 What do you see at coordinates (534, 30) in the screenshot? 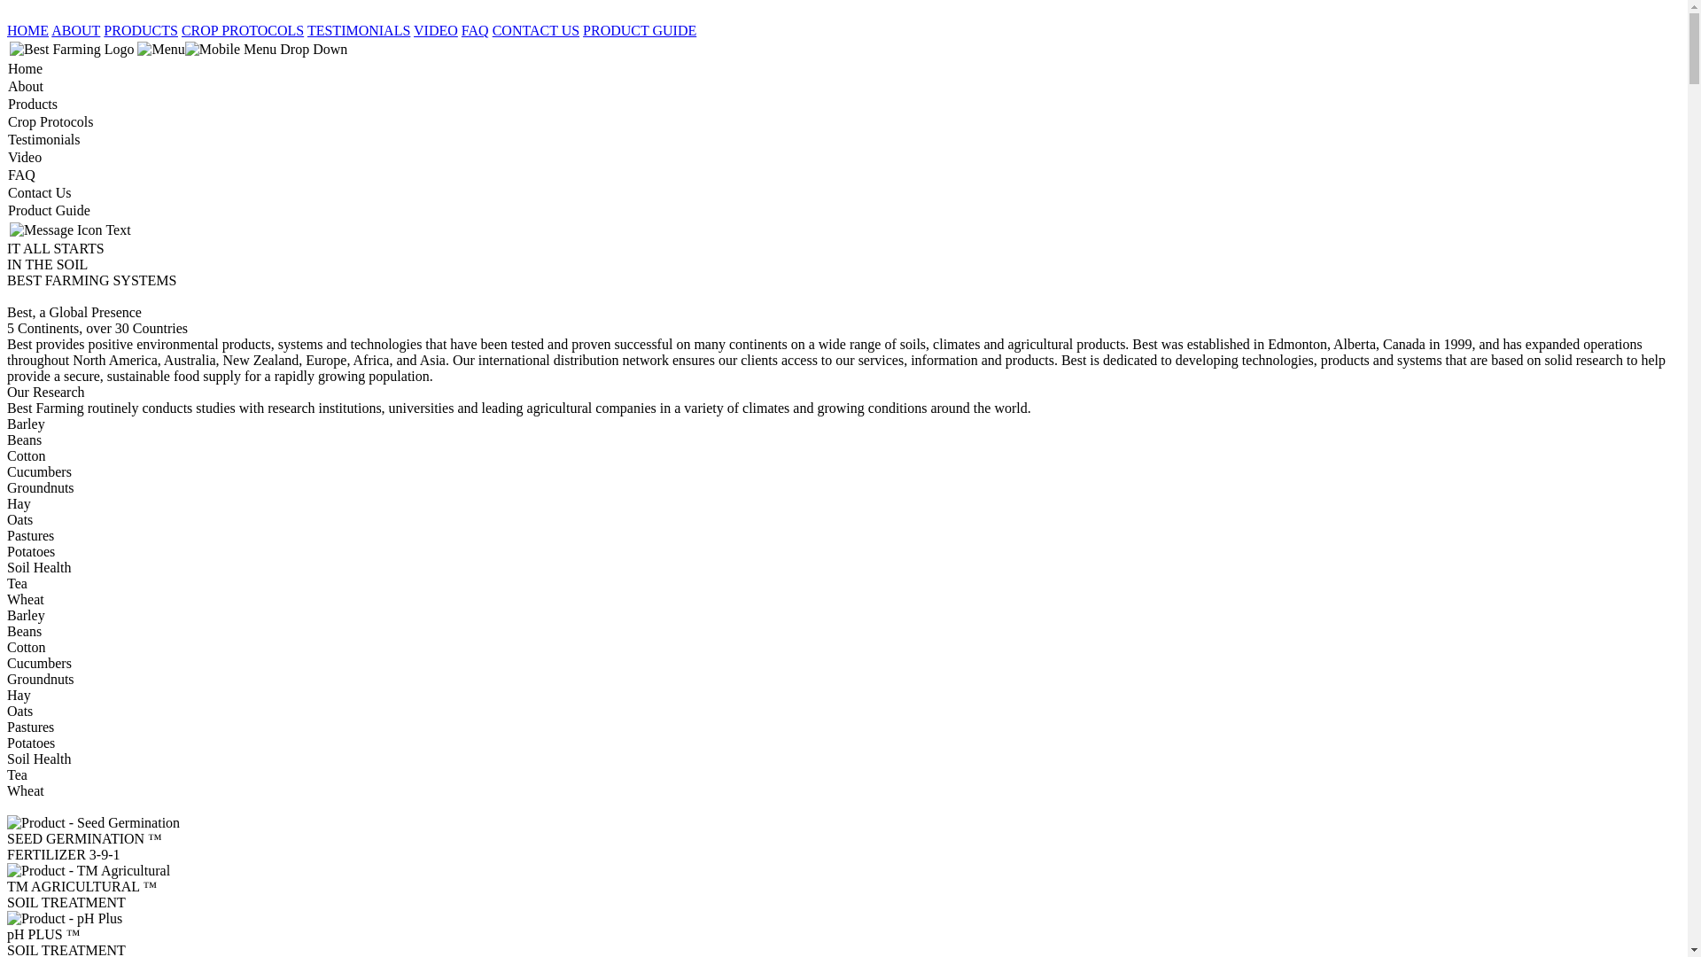
I see `'CONTACT US'` at bounding box center [534, 30].